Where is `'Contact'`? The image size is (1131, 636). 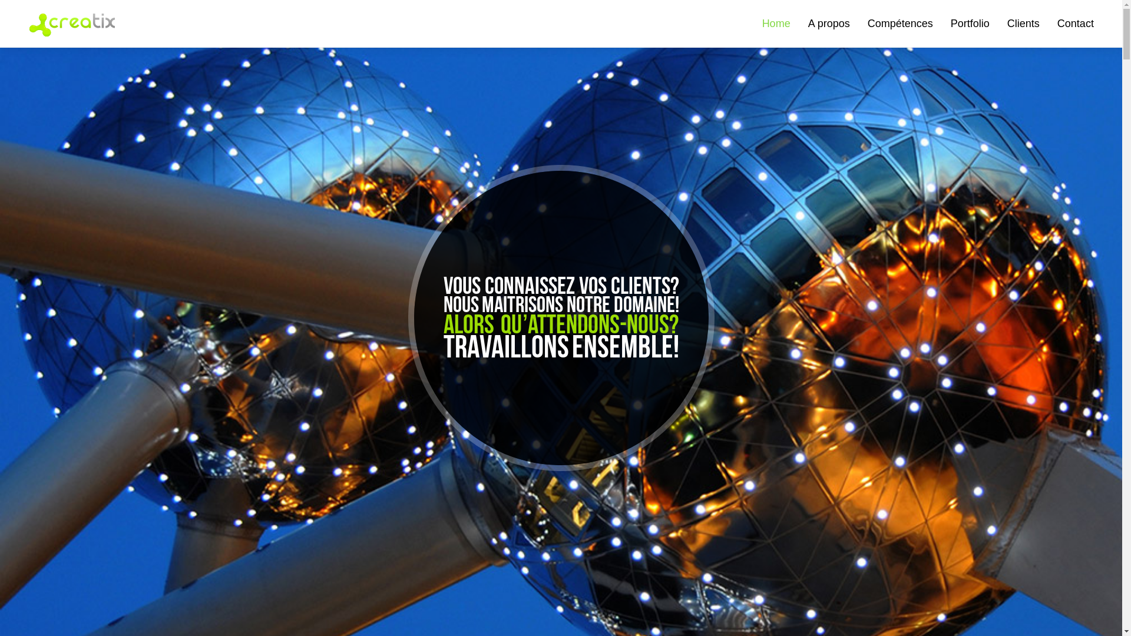 'Contact' is located at coordinates (1075, 23).